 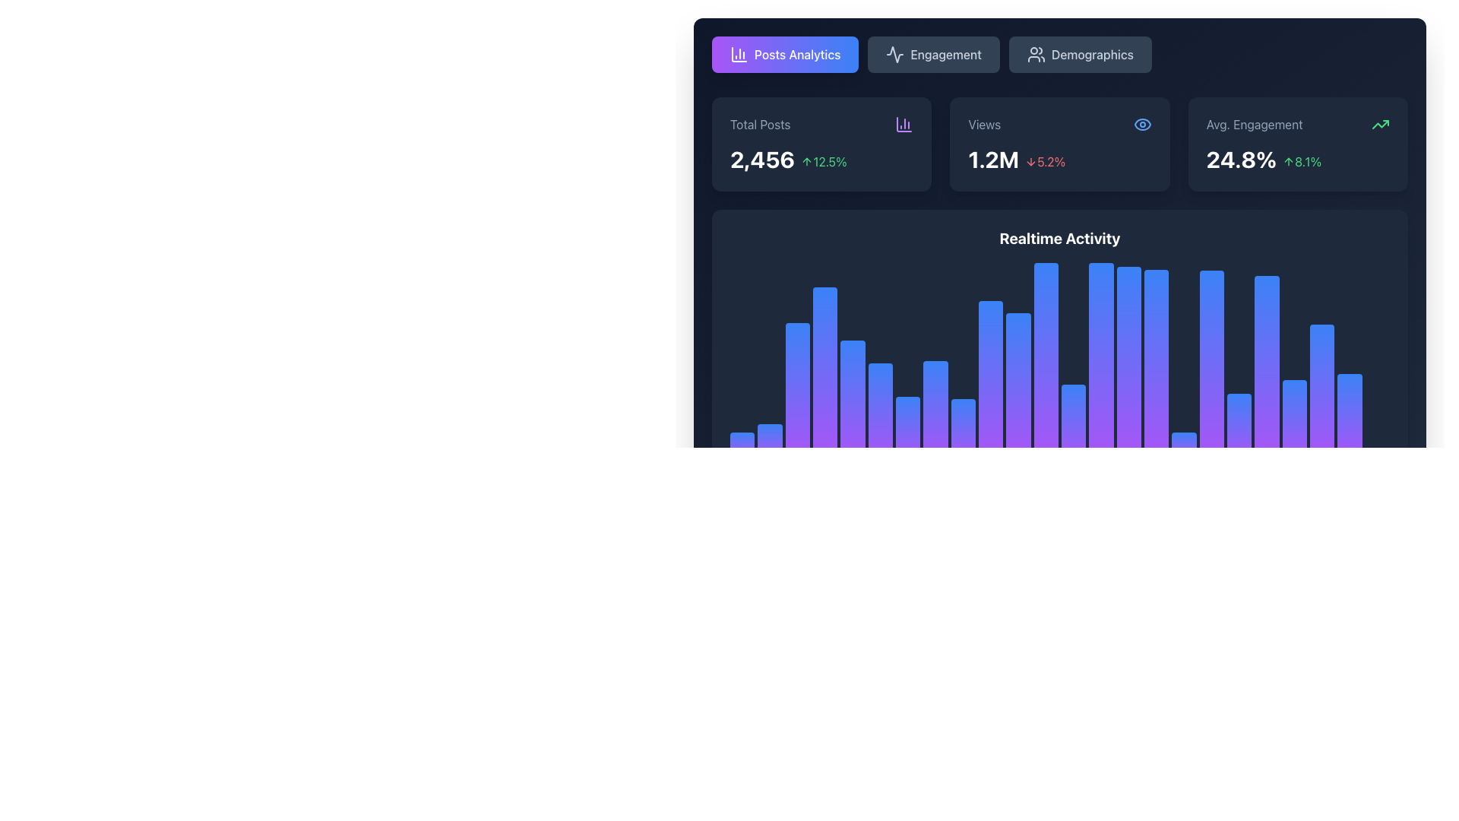 What do you see at coordinates (1035, 54) in the screenshot?
I see `the visual representation of the SVG icon located at the top-right of the 'Demographics' button in the navigation bar` at bounding box center [1035, 54].